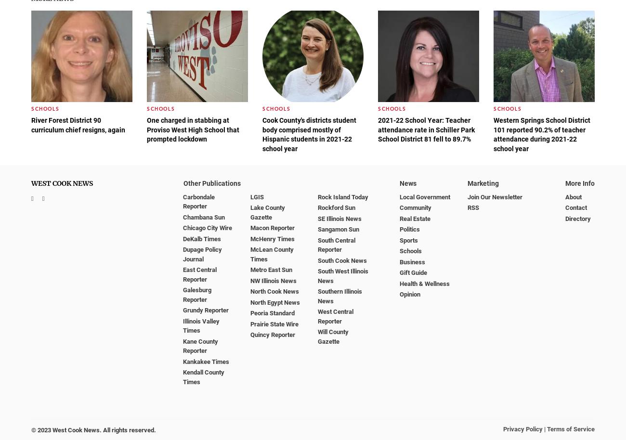 This screenshot has width=626, height=440. Describe the element at coordinates (271, 254) in the screenshot. I see `'McLean County Times'` at that location.